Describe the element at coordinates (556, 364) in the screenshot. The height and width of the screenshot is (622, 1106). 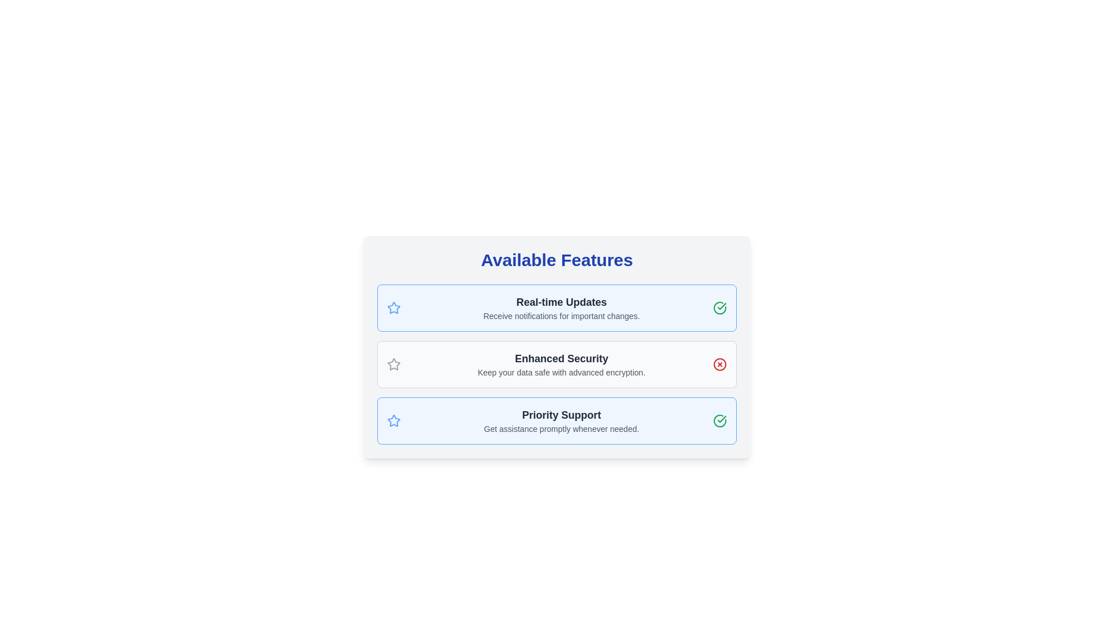
I see `the 'Enhanced Security' informational card, which is the second card in a stacked list of three cards, featuring a star icon on the left and a red cross icon on the right` at that location.